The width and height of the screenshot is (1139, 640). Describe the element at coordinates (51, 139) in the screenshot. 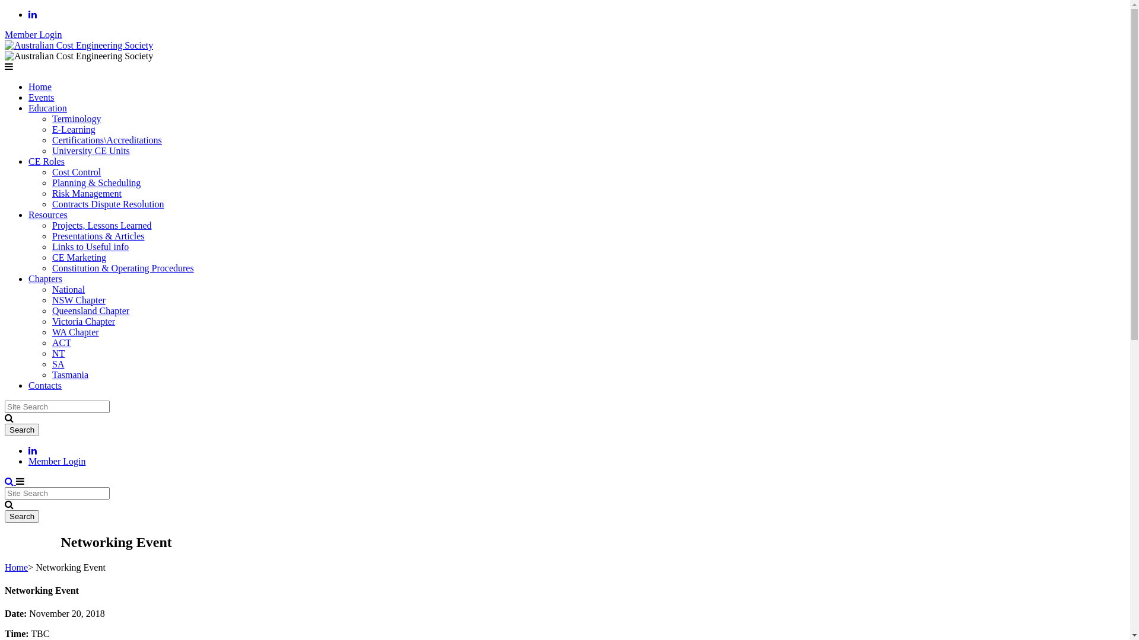

I see `'Certifications\Accreditations'` at that location.